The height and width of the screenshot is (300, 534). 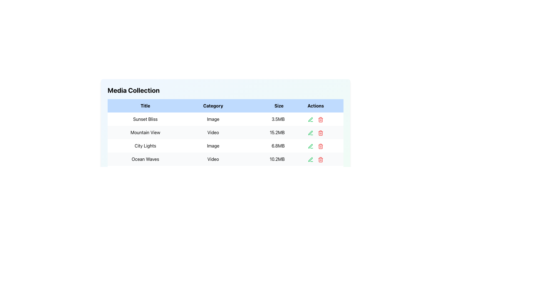 I want to click on the green pen icon in the 'Actions' column of the media collection table to initiate editing for the 'Mountain View' entry, so click(x=310, y=133).